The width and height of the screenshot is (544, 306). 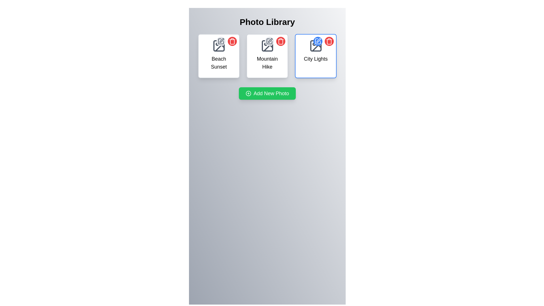 I want to click on the delete button icon in the top-right corner of the 'City Lights' photo card, so click(x=280, y=41).